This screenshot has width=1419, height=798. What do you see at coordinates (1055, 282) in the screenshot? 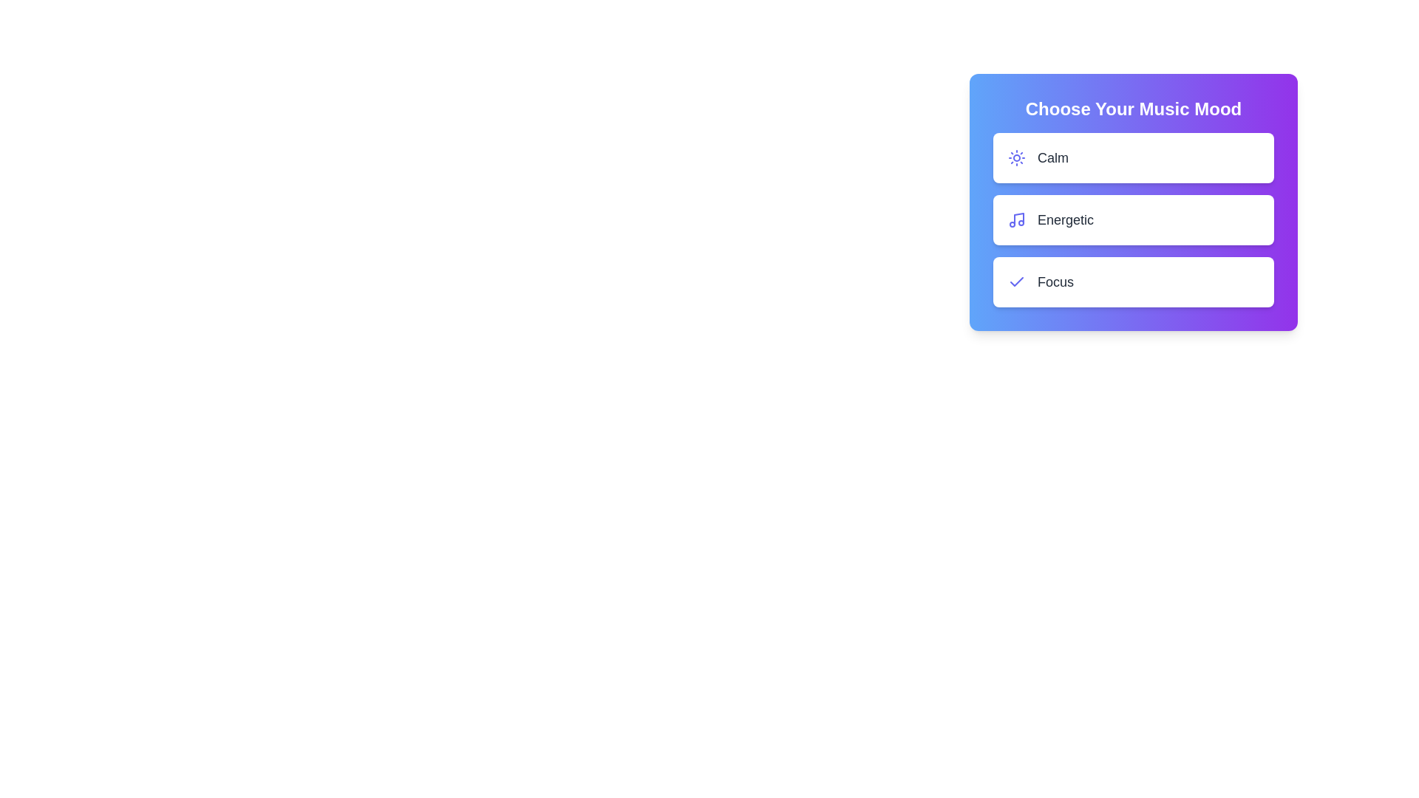
I see `the 'Focus' mood option label in the vertical list of mood options within the modal` at bounding box center [1055, 282].